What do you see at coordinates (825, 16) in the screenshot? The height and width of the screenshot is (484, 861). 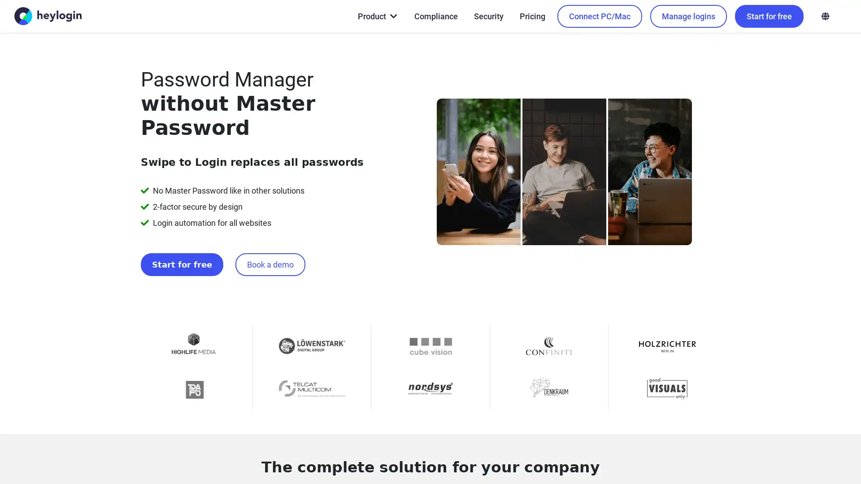 I see `Language Switcher` at bounding box center [825, 16].